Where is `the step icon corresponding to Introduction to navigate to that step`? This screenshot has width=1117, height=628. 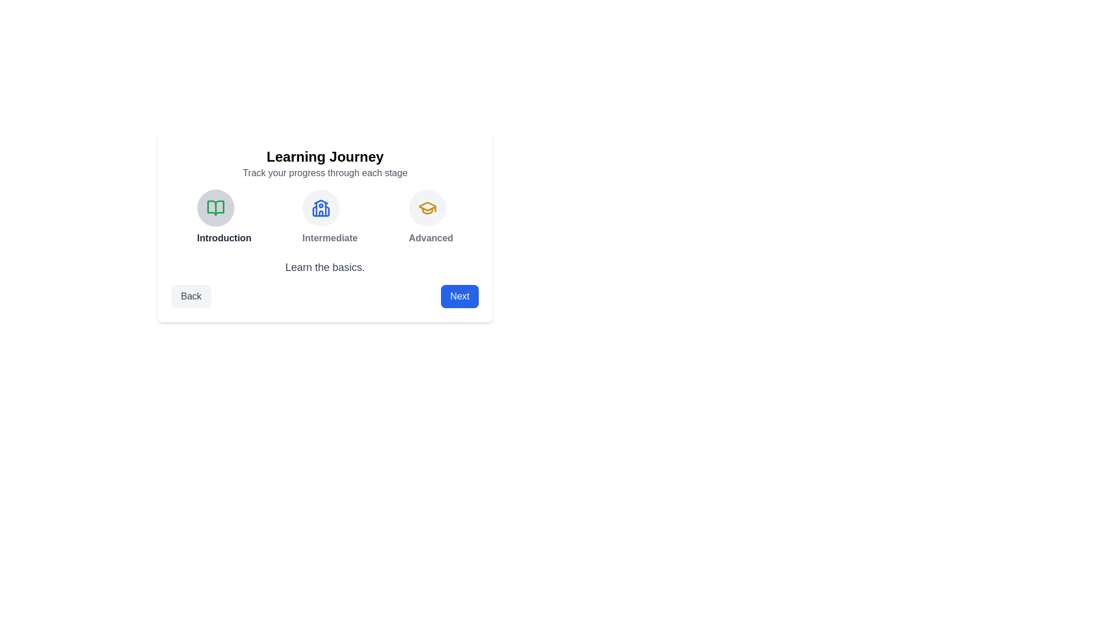
the step icon corresponding to Introduction to navigate to that step is located at coordinates (215, 208).